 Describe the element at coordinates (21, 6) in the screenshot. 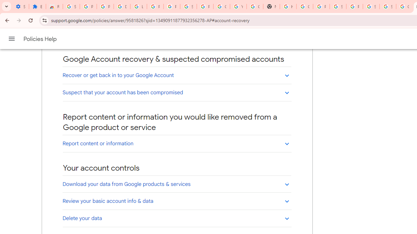

I see `'Settings - On startup'` at that location.